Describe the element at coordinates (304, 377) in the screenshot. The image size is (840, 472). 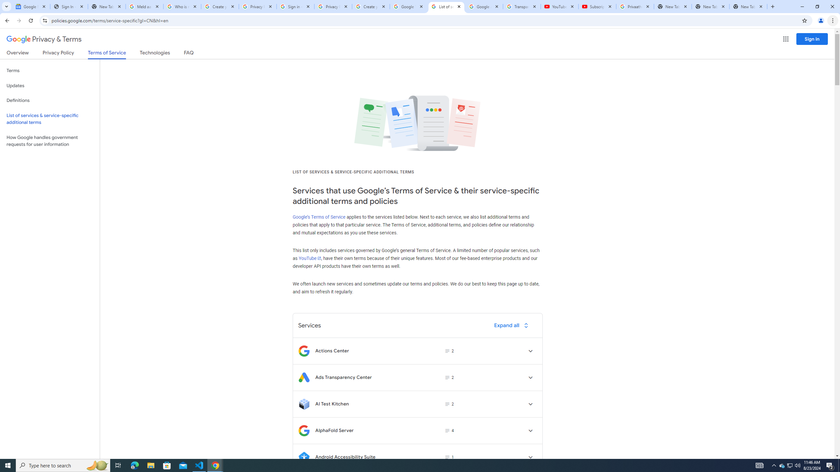
I see `'Logo for Ads Transparency Center'` at that location.